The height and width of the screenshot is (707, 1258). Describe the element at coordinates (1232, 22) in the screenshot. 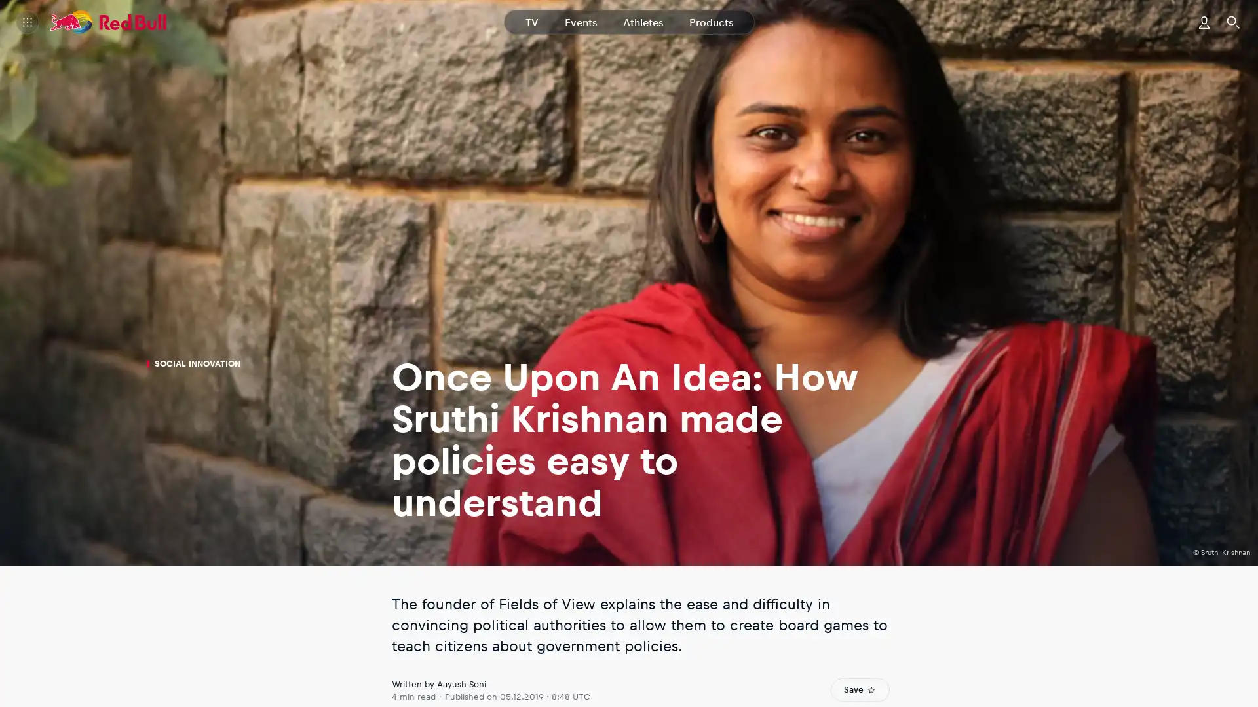

I see `Search` at that location.